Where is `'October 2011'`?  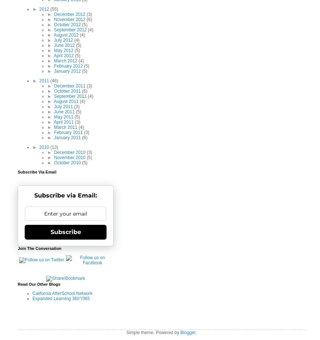 'October 2011' is located at coordinates (68, 91).